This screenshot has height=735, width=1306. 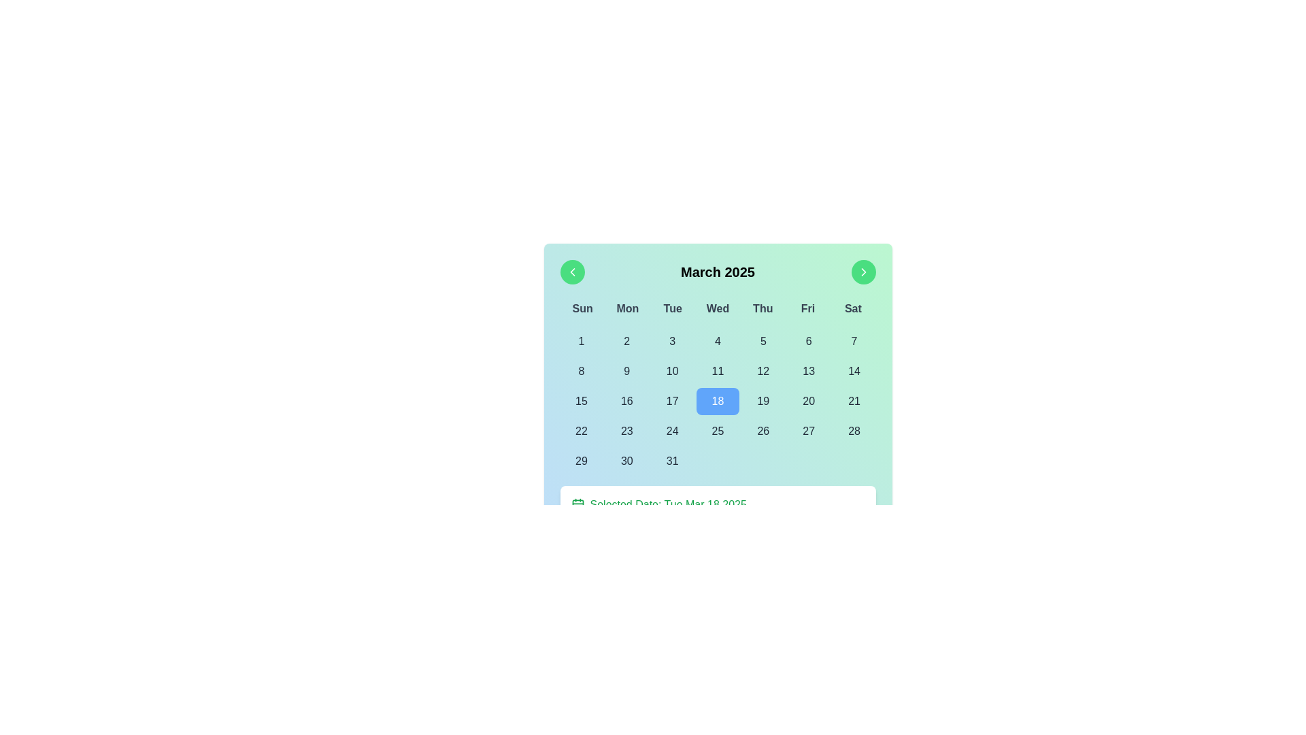 What do you see at coordinates (572, 272) in the screenshot?
I see `the button located in the header area of the calendar interface to the left of the text 'March 2025'` at bounding box center [572, 272].